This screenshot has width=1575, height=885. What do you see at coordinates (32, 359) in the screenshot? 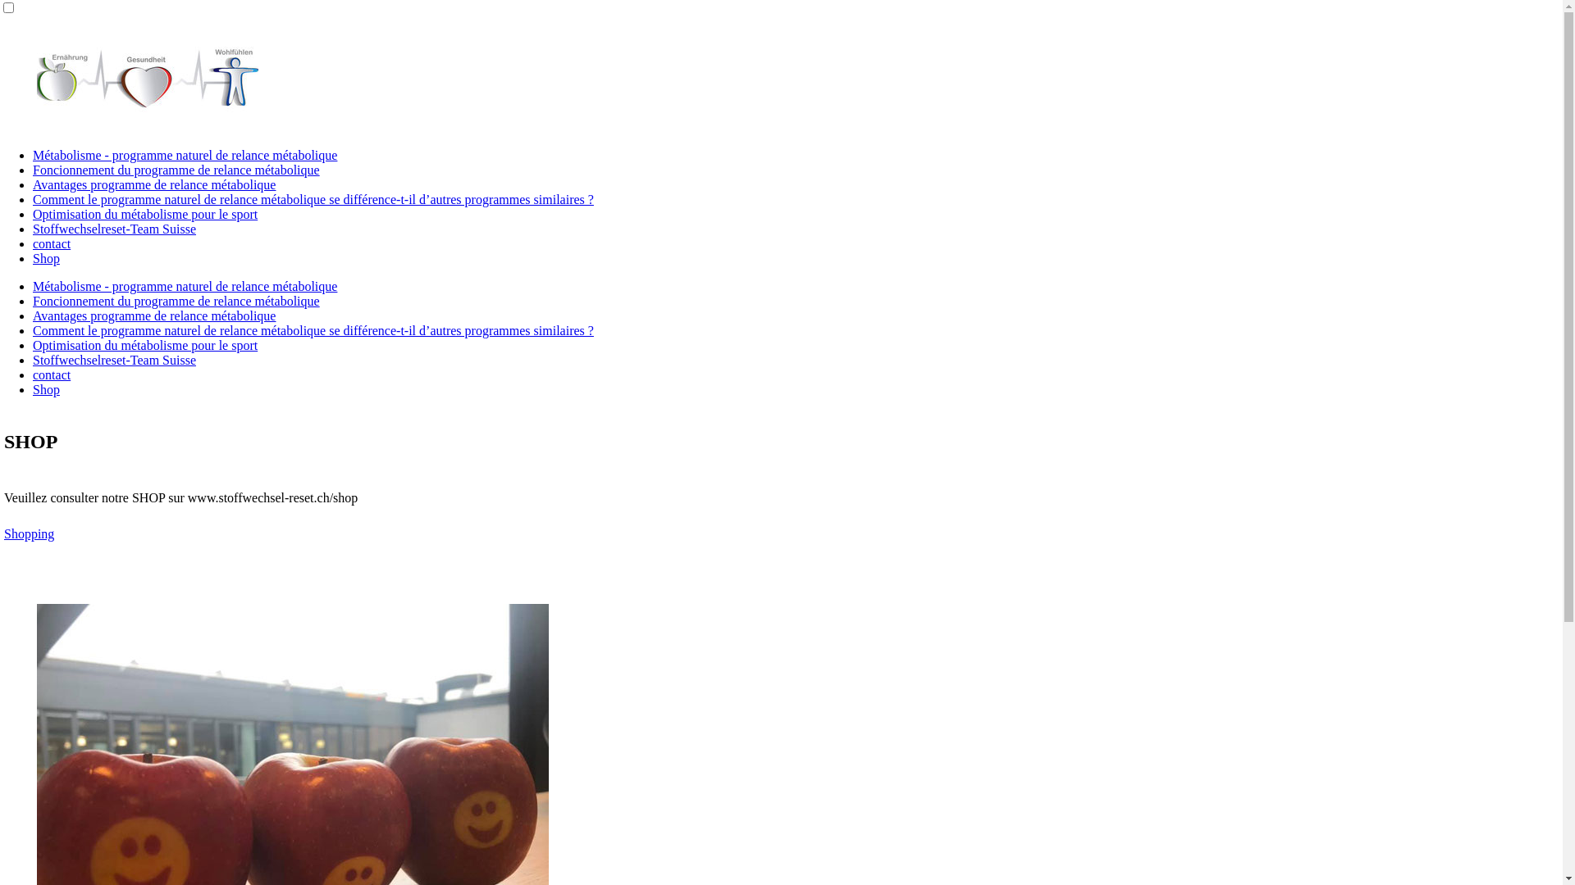
I see `'Stoffwechselreset-Team Suisse'` at bounding box center [32, 359].